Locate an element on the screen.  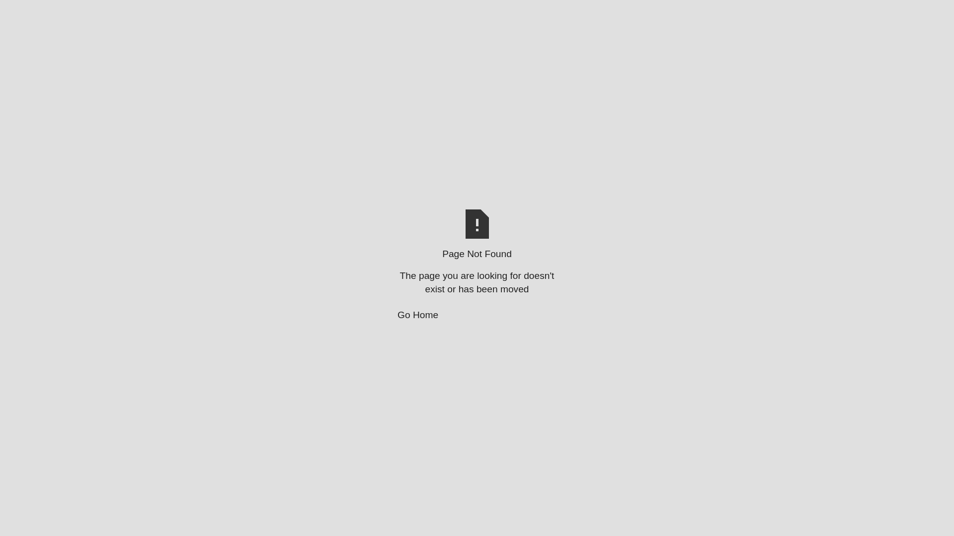
'Go Home' is located at coordinates (477, 315).